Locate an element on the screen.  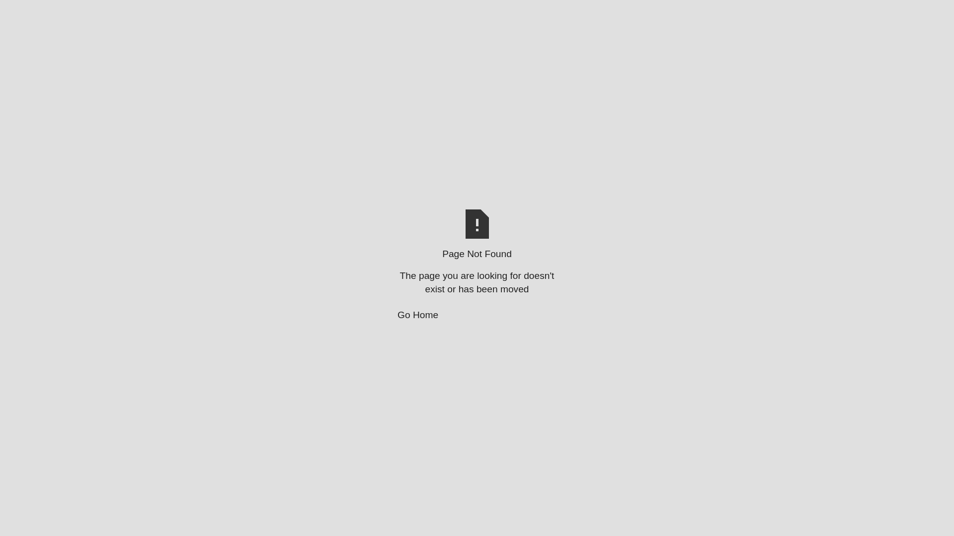
'Go Home' is located at coordinates (477, 315).